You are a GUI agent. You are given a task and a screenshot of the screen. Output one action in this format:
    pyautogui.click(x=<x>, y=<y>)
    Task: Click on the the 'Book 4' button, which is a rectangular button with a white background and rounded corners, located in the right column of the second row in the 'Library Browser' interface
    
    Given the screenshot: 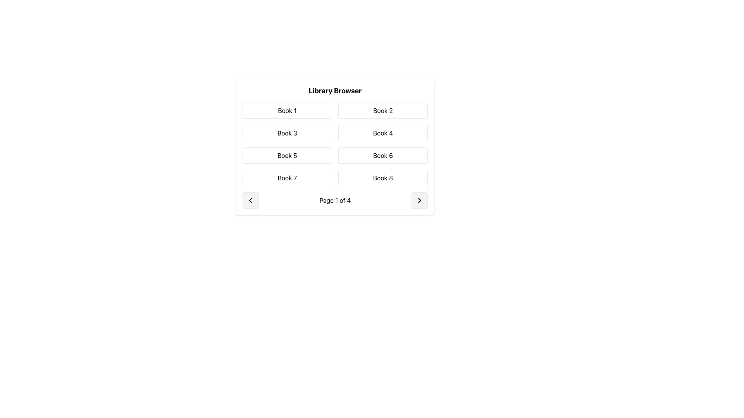 What is the action you would take?
    pyautogui.click(x=383, y=132)
    